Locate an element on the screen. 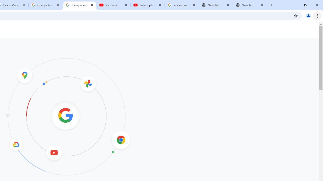  'You' is located at coordinates (308, 15).